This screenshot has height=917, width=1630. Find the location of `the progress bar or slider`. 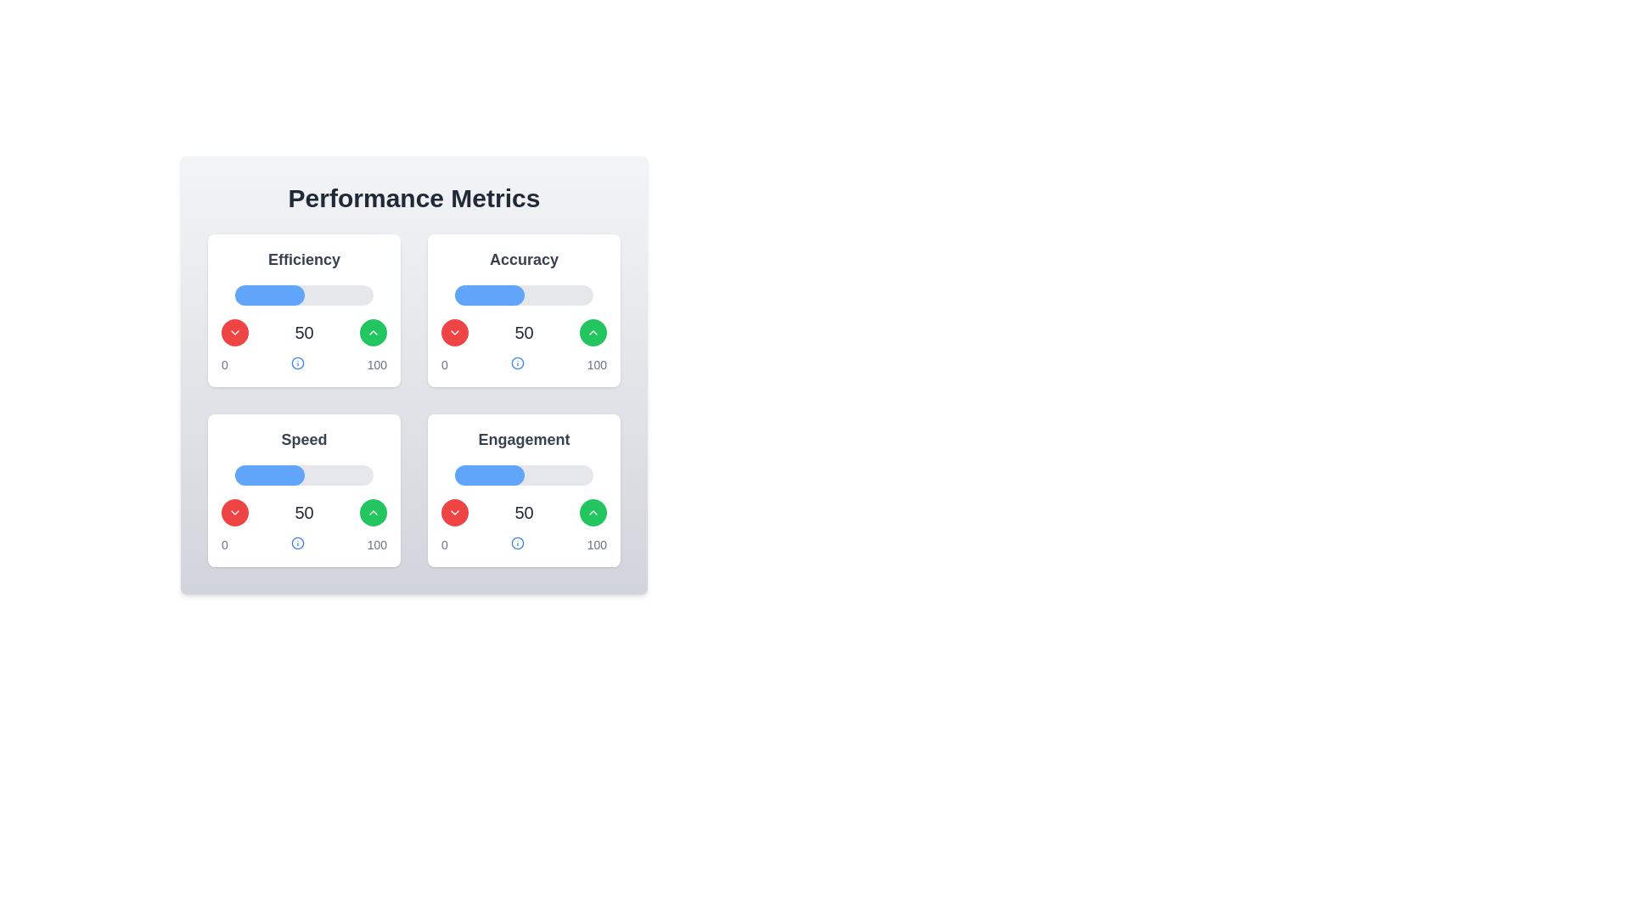

the progress bar or slider is located at coordinates (318, 475).